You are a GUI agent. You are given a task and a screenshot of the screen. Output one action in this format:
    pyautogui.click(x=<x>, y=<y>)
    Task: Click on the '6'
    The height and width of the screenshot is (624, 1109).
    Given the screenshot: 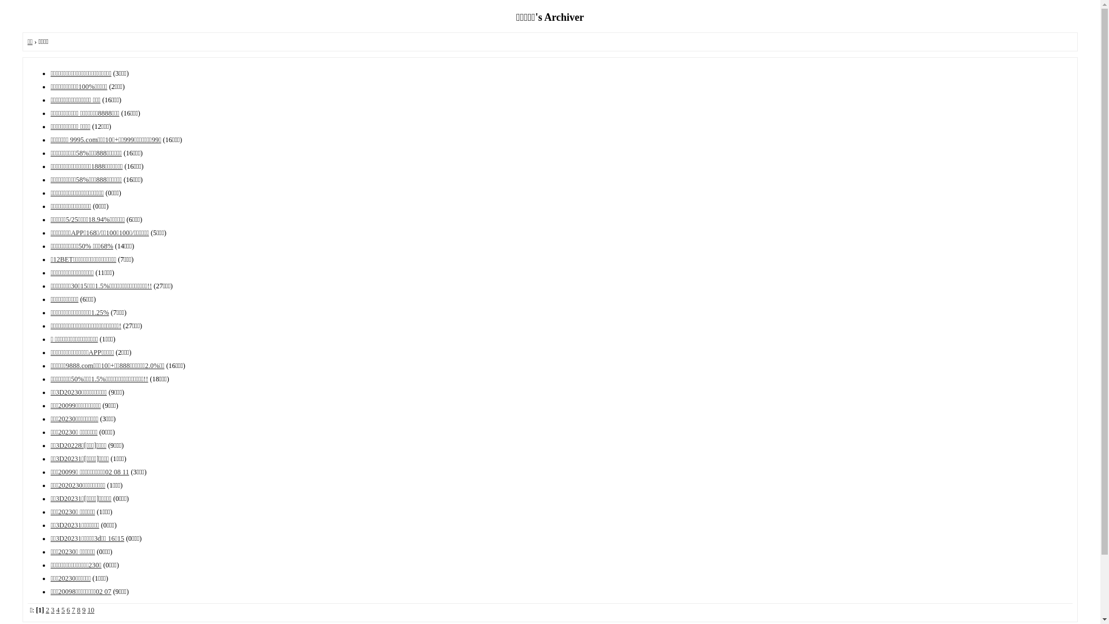 What is the action you would take?
    pyautogui.click(x=68, y=610)
    